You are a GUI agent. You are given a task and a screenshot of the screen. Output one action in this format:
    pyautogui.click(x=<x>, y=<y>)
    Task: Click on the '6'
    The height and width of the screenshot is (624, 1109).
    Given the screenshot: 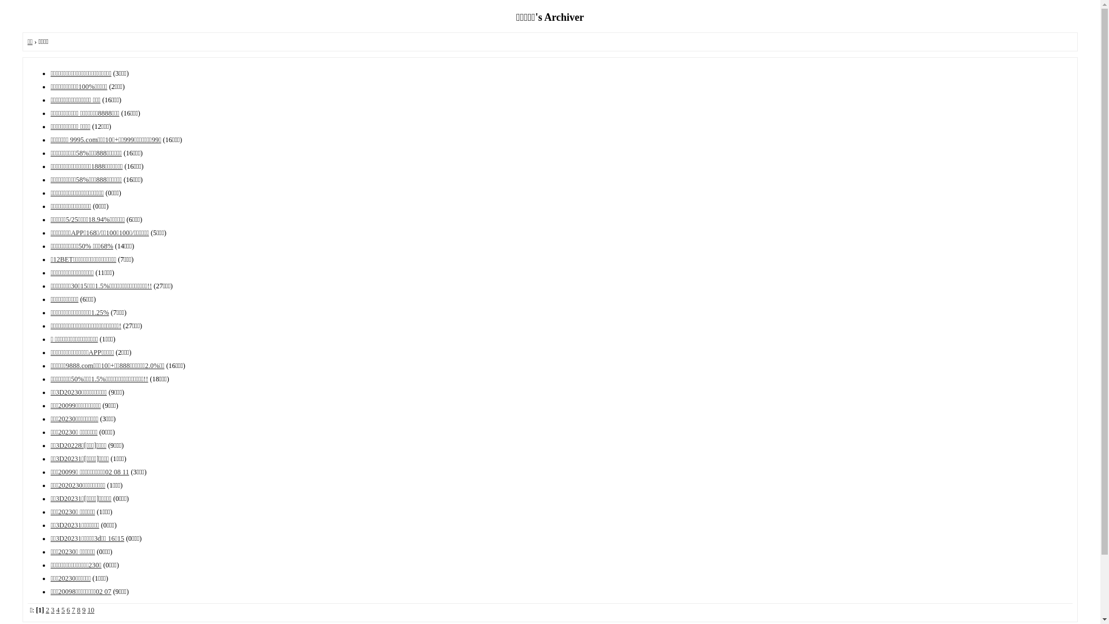 What is the action you would take?
    pyautogui.click(x=68, y=610)
    